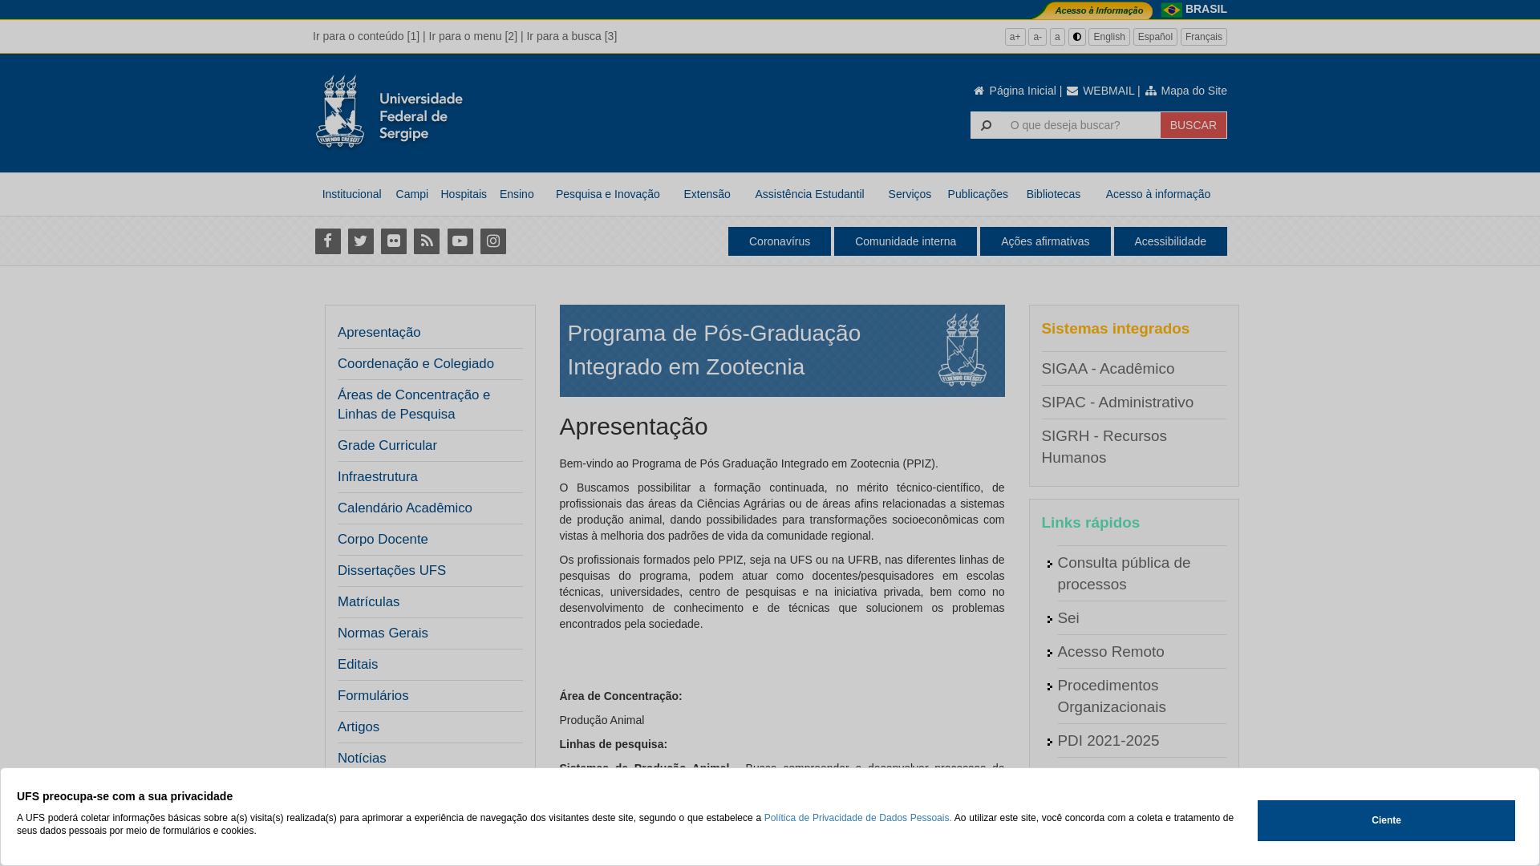 The width and height of the screenshot is (1540, 866). Describe the element at coordinates (1160, 123) in the screenshot. I see `'BUSCAR'` at that location.